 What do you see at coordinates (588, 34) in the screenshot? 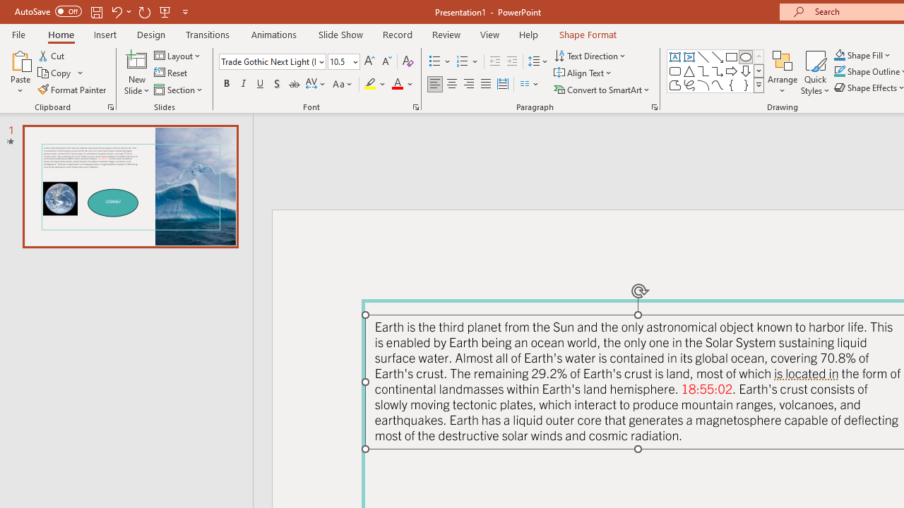
I see `'Shape Format'` at bounding box center [588, 34].